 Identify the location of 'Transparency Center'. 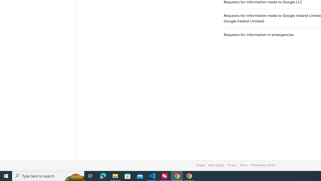
(263, 165).